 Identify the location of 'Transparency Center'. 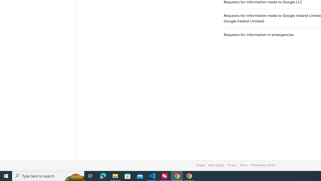
(263, 165).